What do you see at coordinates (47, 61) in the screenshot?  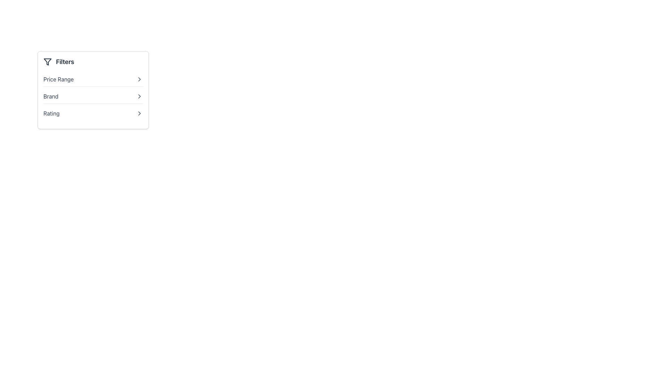 I see `the funnel-shaped icon for filtering, which is positioned to the left of the 'Filters' label in the interface` at bounding box center [47, 61].